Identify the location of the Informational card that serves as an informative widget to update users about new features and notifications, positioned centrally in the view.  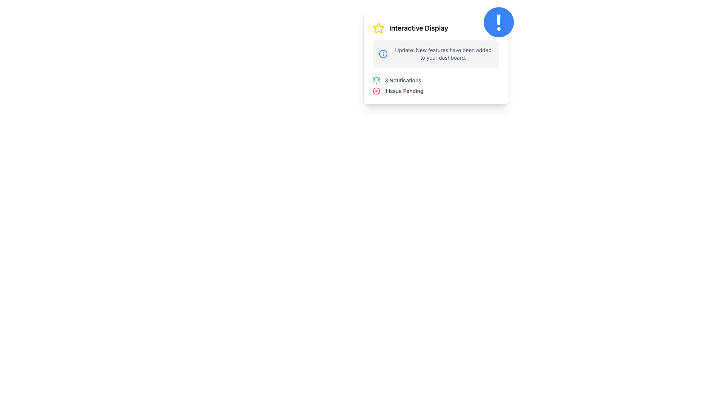
(435, 74).